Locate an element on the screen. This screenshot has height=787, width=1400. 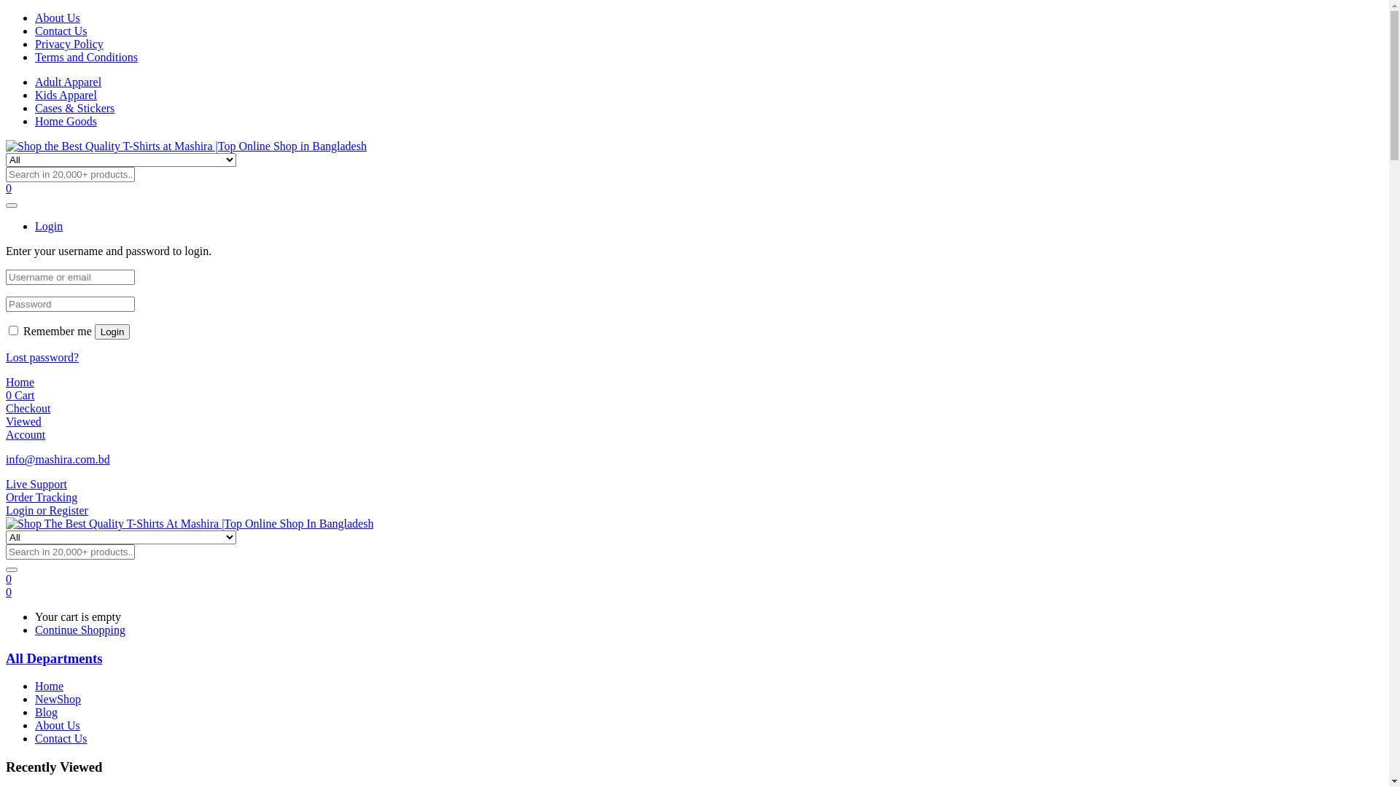
'Login' is located at coordinates (49, 226).